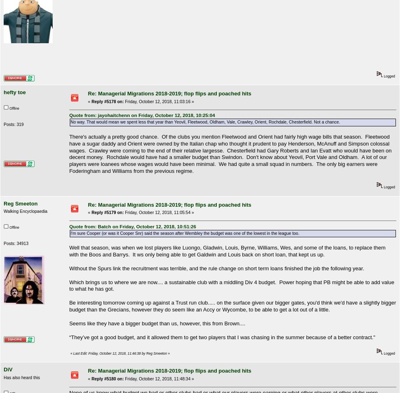 The image size is (400, 393). Describe the element at coordinates (158, 212) in the screenshot. I see `'Friday, October 12, 2018, 11:05:54 »'` at that location.